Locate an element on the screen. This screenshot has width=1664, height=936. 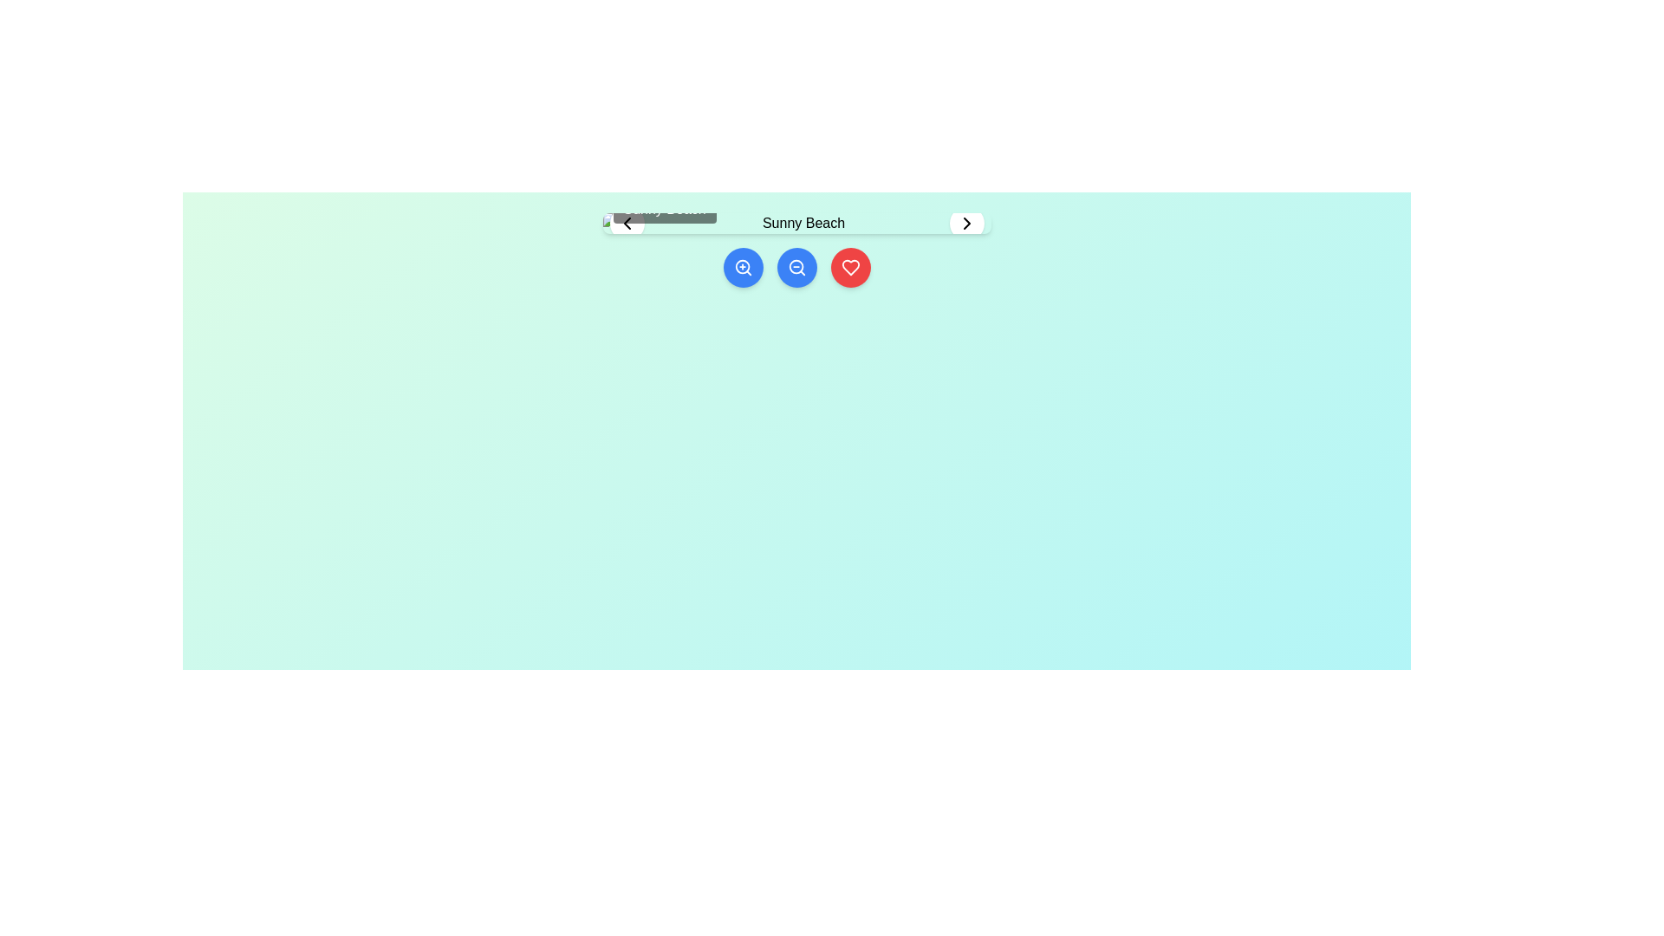
the SVG circle element representing the zoom-out action in the magnifying glass icon, located just below the title 'Sunny Beach.' is located at coordinates (795, 267).